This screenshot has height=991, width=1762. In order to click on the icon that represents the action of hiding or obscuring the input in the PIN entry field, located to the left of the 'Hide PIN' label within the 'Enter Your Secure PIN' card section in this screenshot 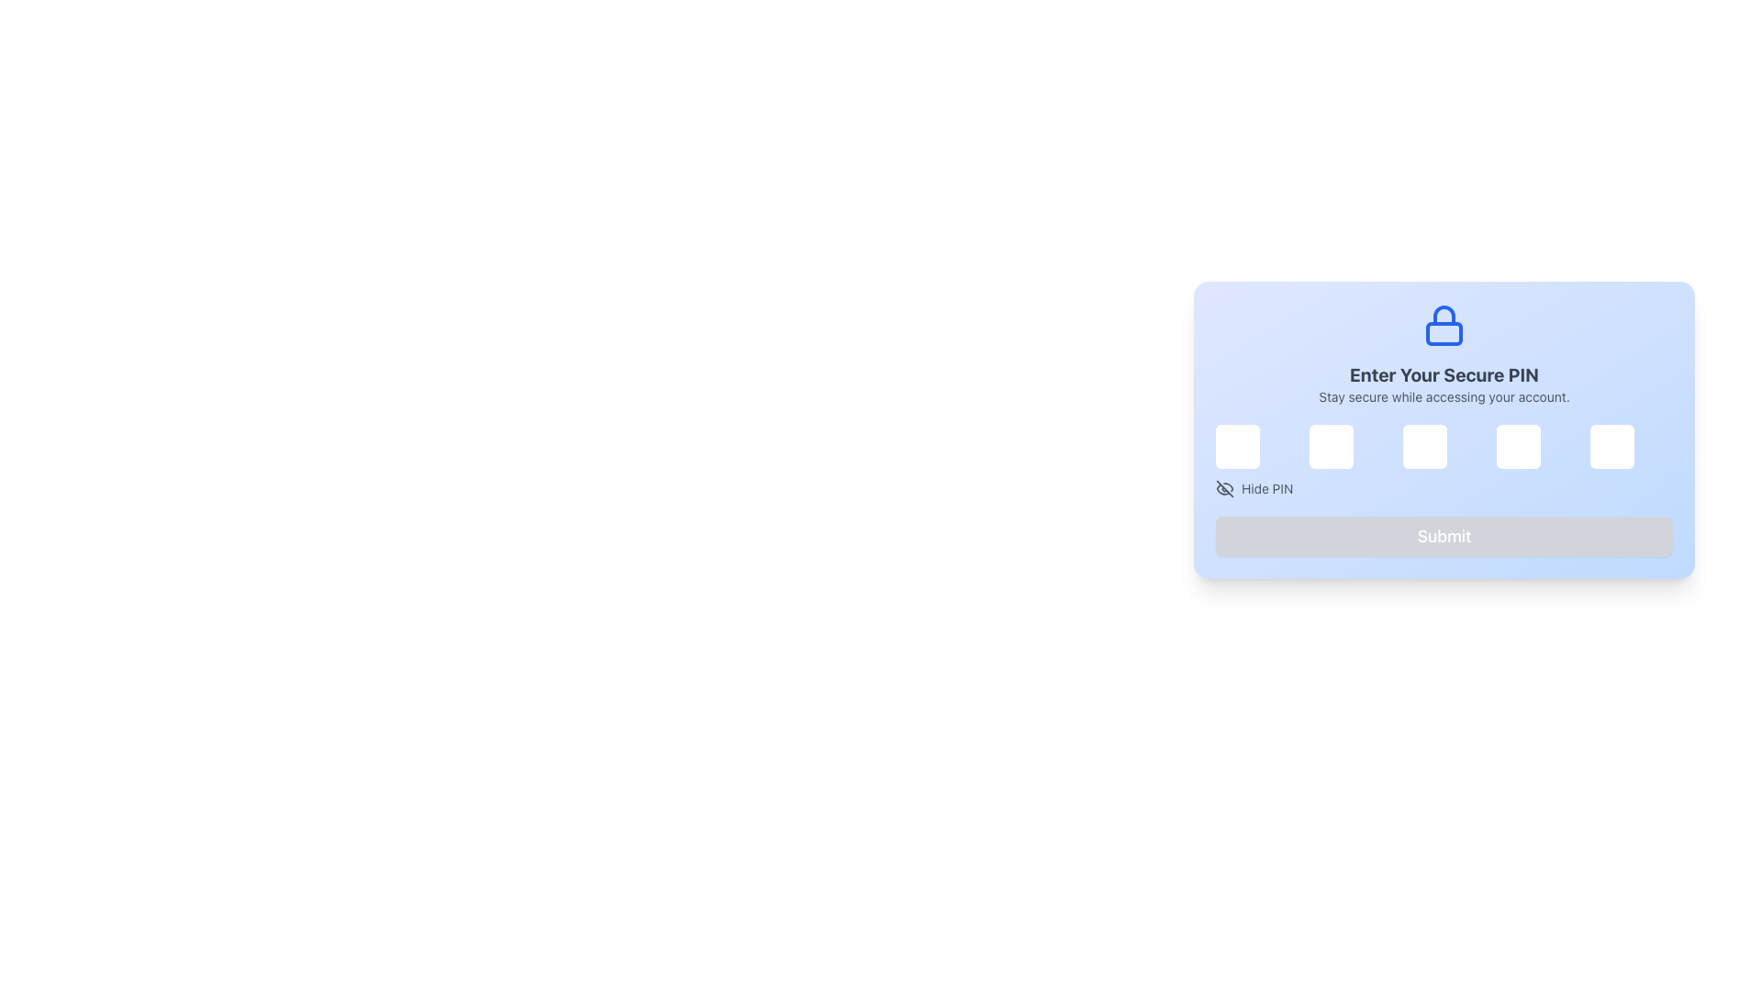, I will do `click(1224, 487)`.